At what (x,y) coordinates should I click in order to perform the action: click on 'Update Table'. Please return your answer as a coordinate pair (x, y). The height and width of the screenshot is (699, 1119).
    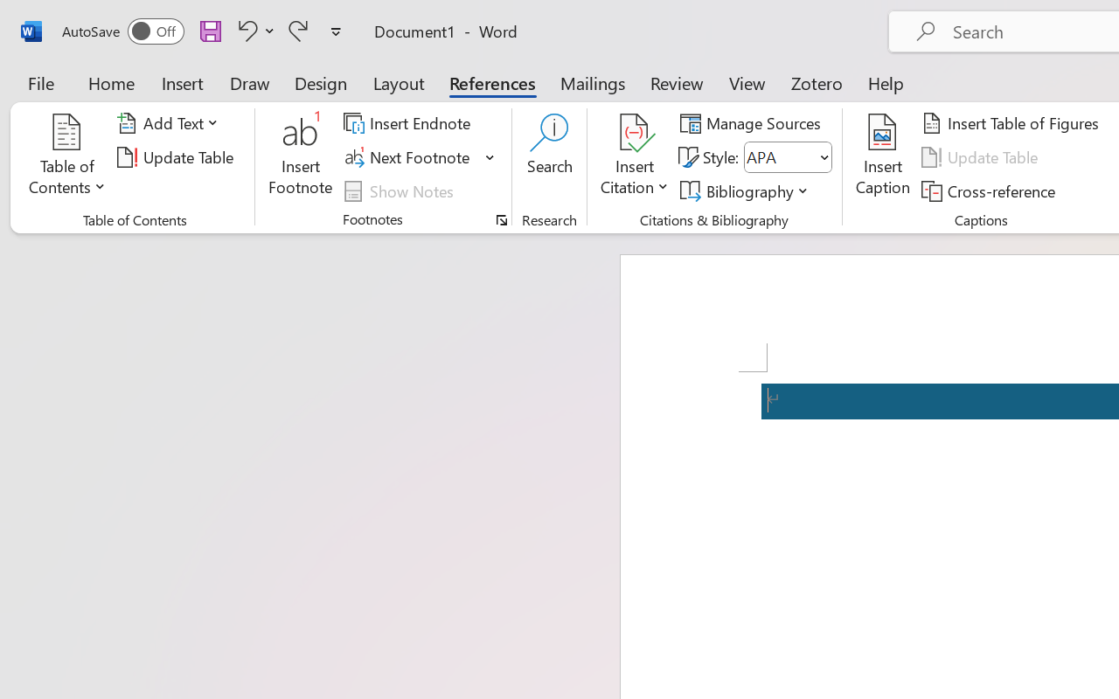
    Looking at the image, I should click on (983, 156).